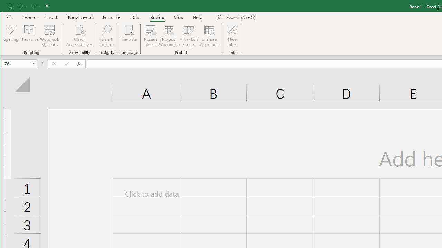 The image size is (442, 248). Describe the element at coordinates (19, 64) in the screenshot. I see `'Name Box'` at that location.